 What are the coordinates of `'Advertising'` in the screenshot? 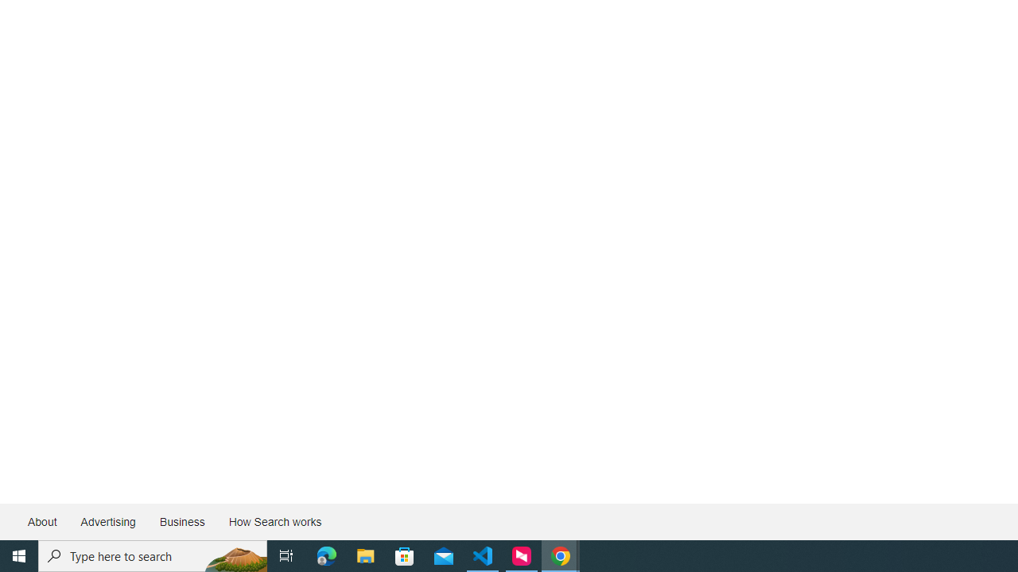 It's located at (107, 522).